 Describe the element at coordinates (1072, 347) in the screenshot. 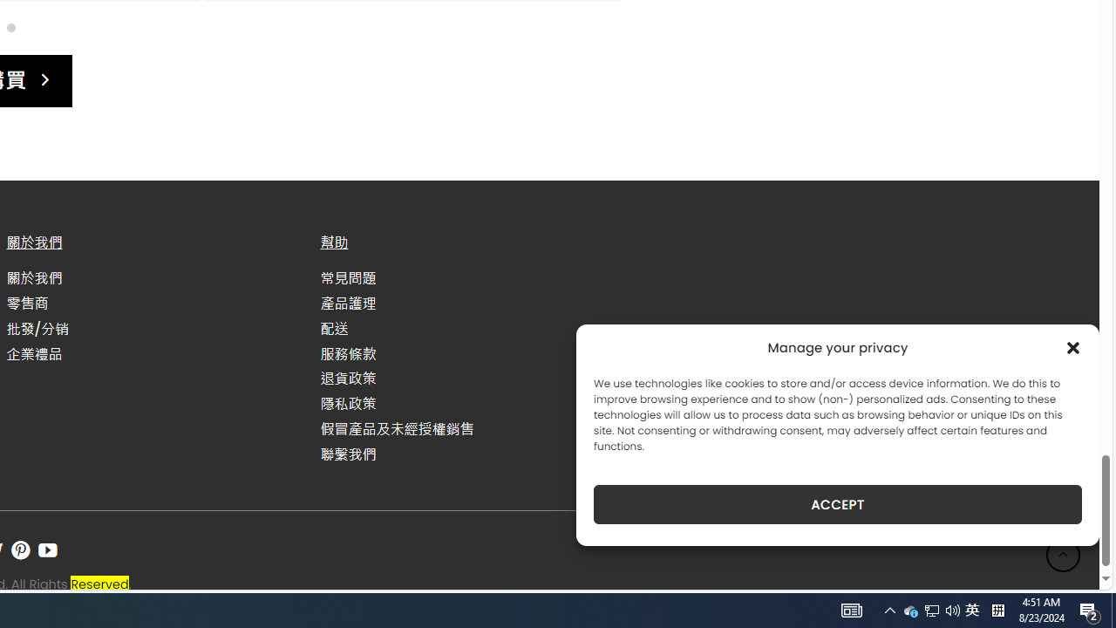

I see `'Class: cmplz-close'` at that location.